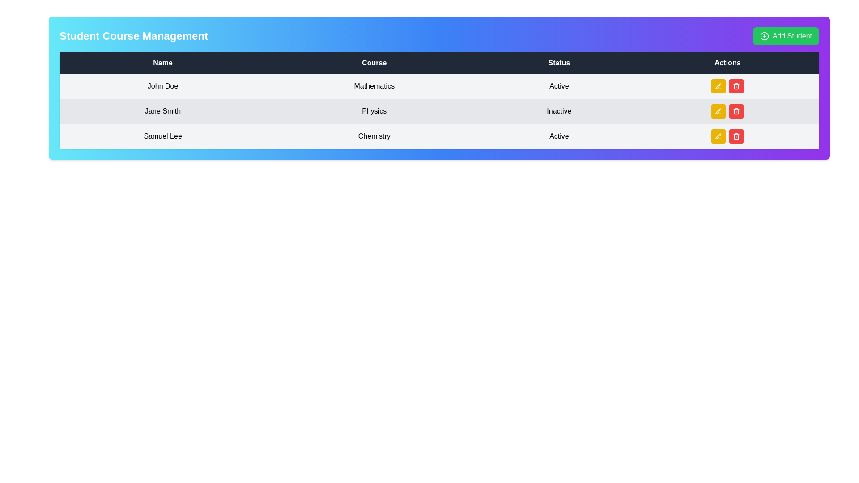 The image size is (859, 483). I want to click on the static text display of the course subject located in the second row of the table, between 'Jane Smith' and 'Inactive', so click(374, 111).